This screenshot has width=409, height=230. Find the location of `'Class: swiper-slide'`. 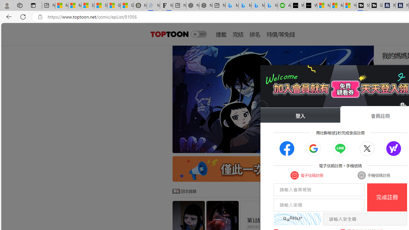

'Class: swiper-slide' is located at coordinates (273, 99).